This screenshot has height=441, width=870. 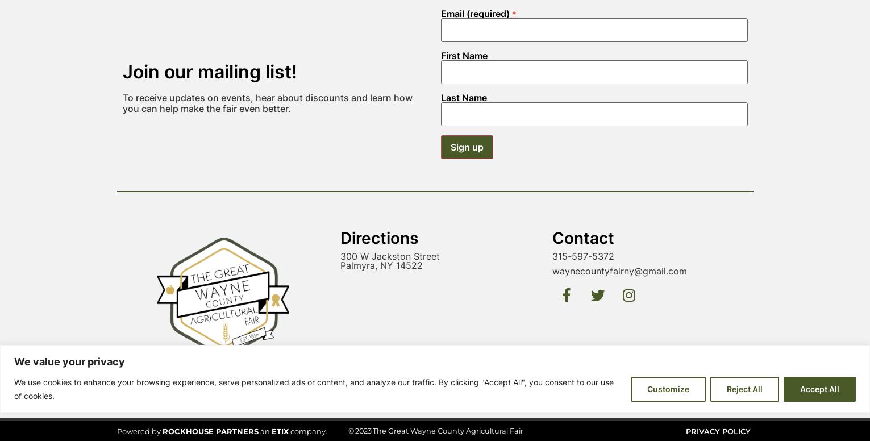 I want to click on 'Directions', so click(x=378, y=79).